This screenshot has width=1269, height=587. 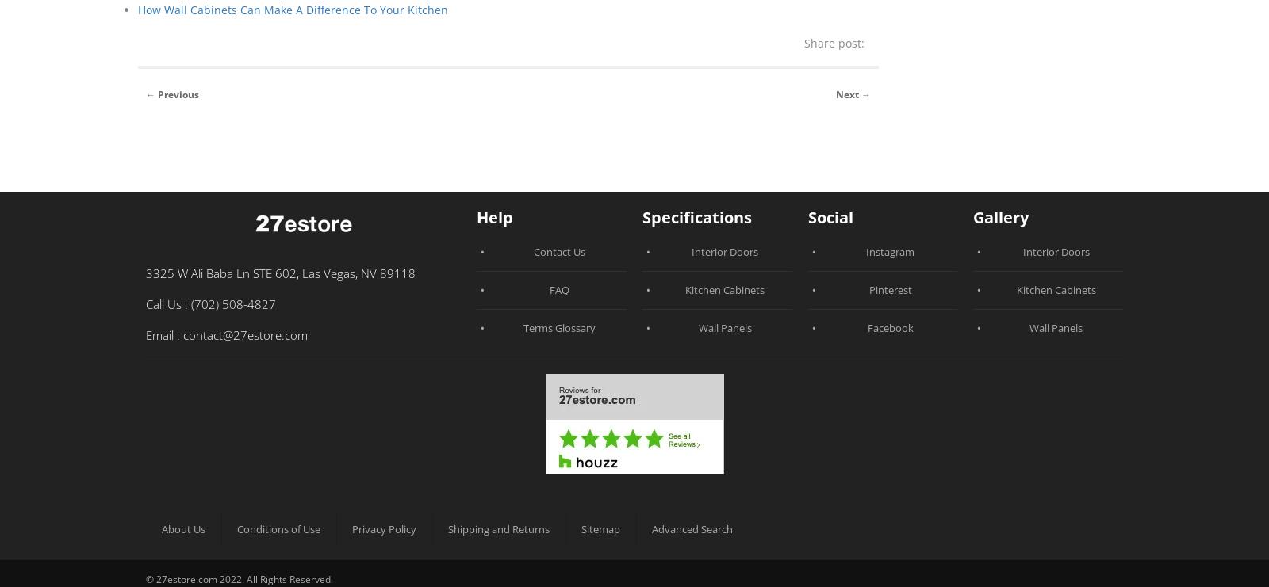 What do you see at coordinates (172, 93) in the screenshot?
I see `'← Previous'` at bounding box center [172, 93].